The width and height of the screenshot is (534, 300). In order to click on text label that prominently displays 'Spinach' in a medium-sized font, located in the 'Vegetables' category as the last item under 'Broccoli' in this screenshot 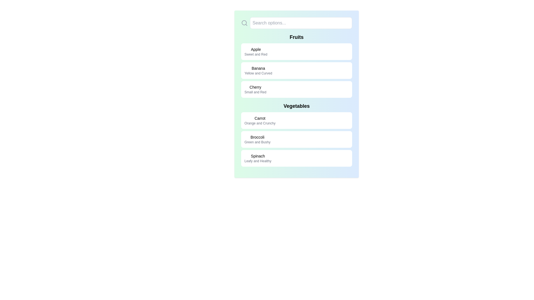, I will do `click(258, 156)`.